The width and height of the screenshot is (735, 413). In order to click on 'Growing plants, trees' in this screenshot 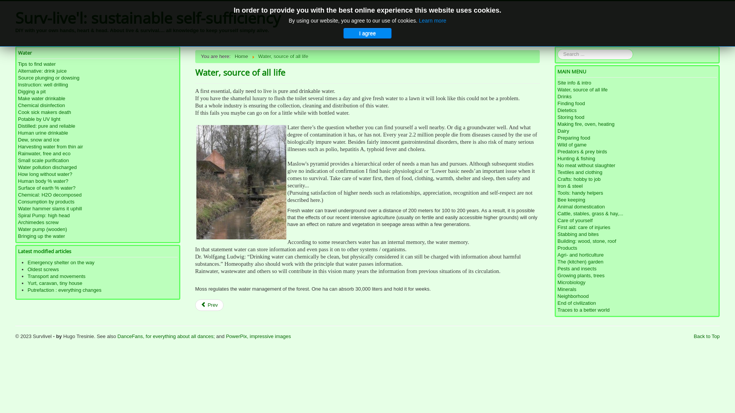, I will do `click(557, 276)`.